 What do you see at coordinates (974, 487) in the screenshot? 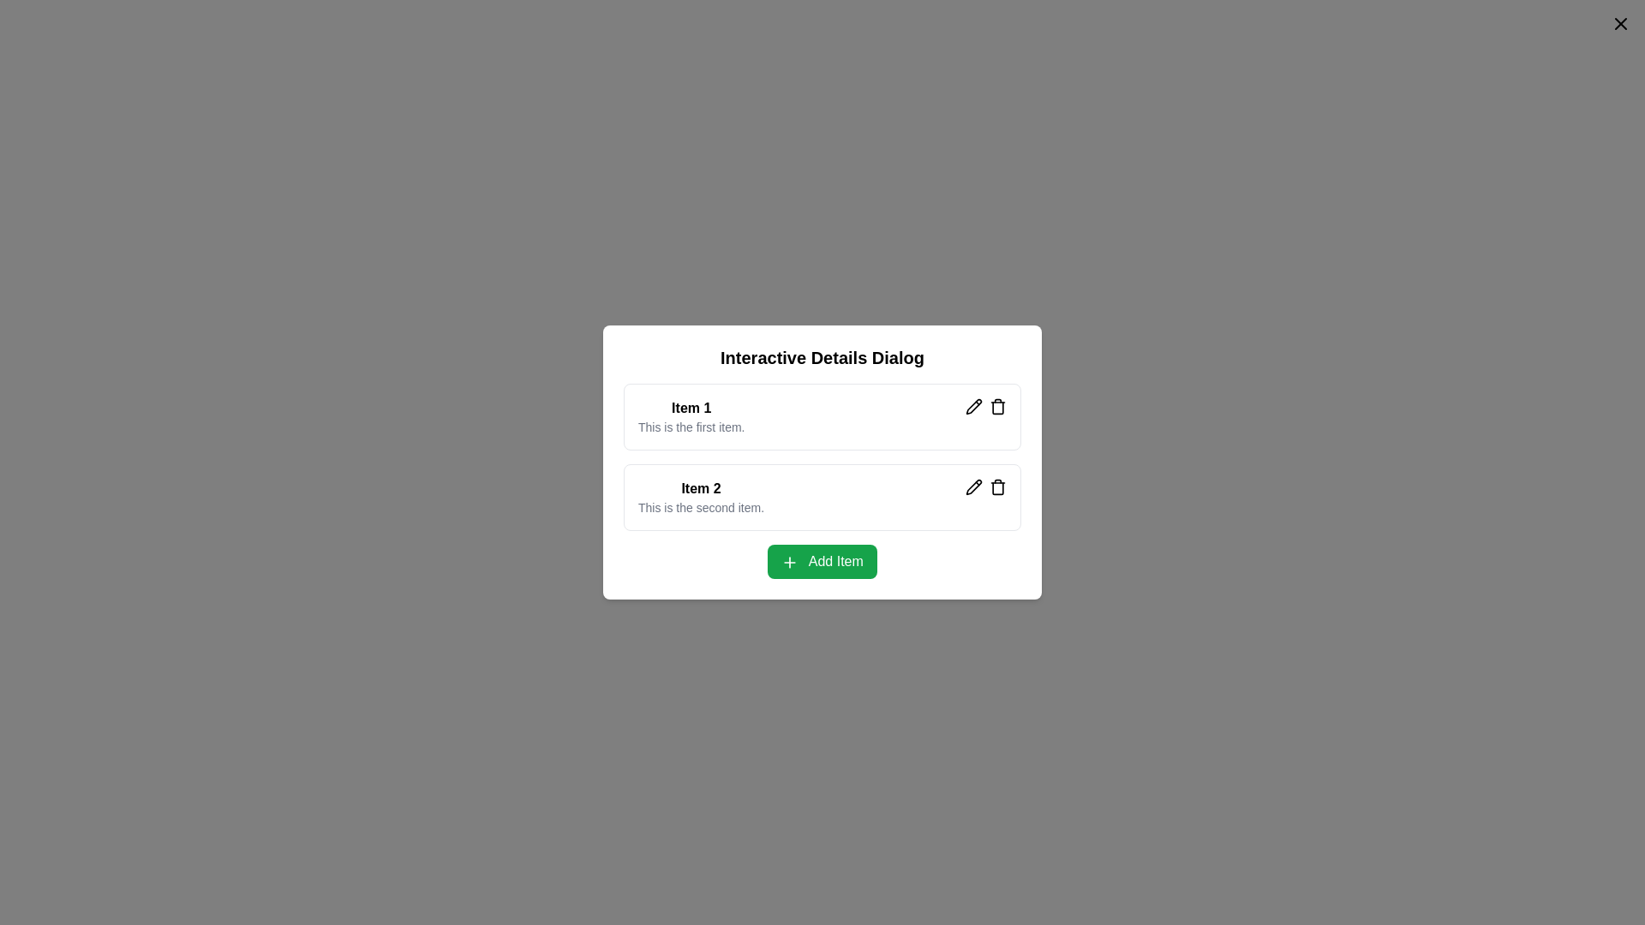
I see `the pencil icon button, which represents the edit action` at bounding box center [974, 487].